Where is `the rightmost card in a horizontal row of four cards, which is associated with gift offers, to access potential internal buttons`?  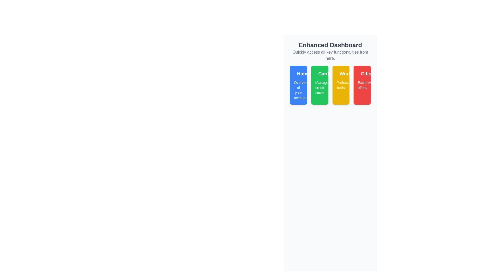
the rightmost card in a horizontal row of four cards, which is associated with gift offers, to access potential internal buttons is located at coordinates (362, 74).